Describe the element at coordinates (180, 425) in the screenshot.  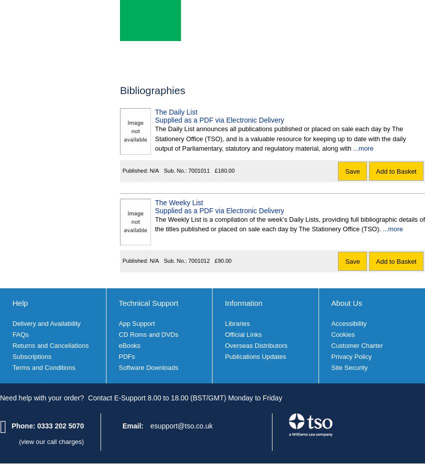
I see `'esupport@tso.co.uk'` at that location.